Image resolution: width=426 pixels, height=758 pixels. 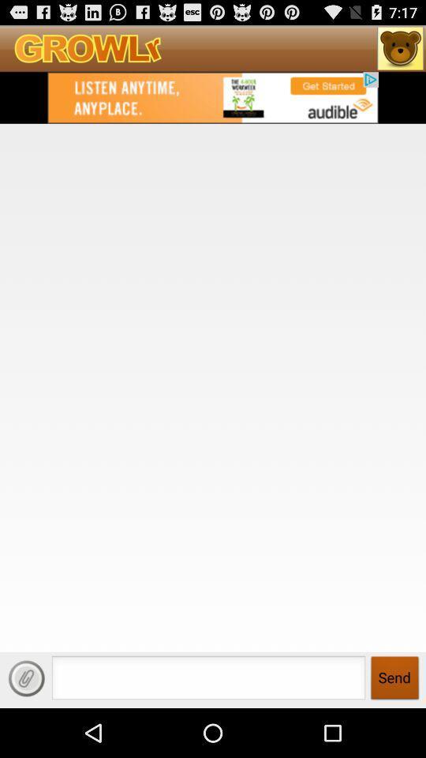 What do you see at coordinates (213, 96) in the screenshot?
I see `adds audible` at bounding box center [213, 96].